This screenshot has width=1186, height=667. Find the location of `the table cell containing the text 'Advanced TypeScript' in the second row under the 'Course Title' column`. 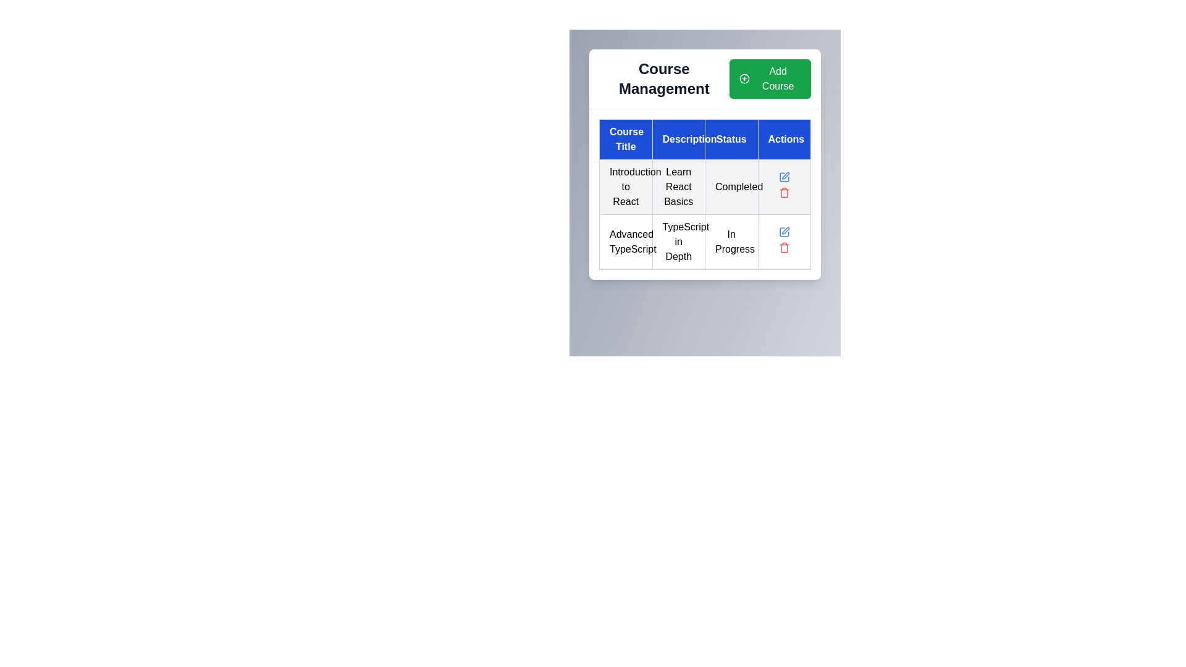

the table cell containing the text 'Advanced TypeScript' in the second row under the 'Course Title' column is located at coordinates (626, 242).